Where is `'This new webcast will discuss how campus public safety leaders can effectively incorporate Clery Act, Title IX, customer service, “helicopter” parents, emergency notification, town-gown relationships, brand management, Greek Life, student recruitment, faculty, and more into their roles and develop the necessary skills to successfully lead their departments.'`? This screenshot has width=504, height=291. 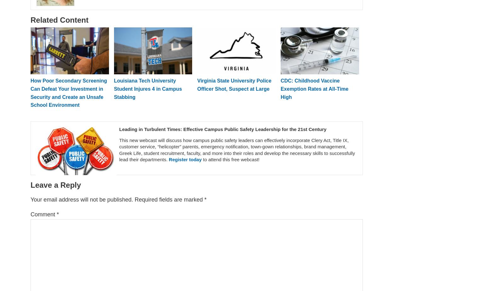
'This new webcast will discuss how campus public safety leaders can effectively incorporate Clery Act, Title IX, customer service, “helicopter” parents, emergency notification, town-gown relationships, brand management, Greek Life, student recruitment, faculty, and more into their roles and develop the necessary skills to successfully lead their departments.' is located at coordinates (237, 150).